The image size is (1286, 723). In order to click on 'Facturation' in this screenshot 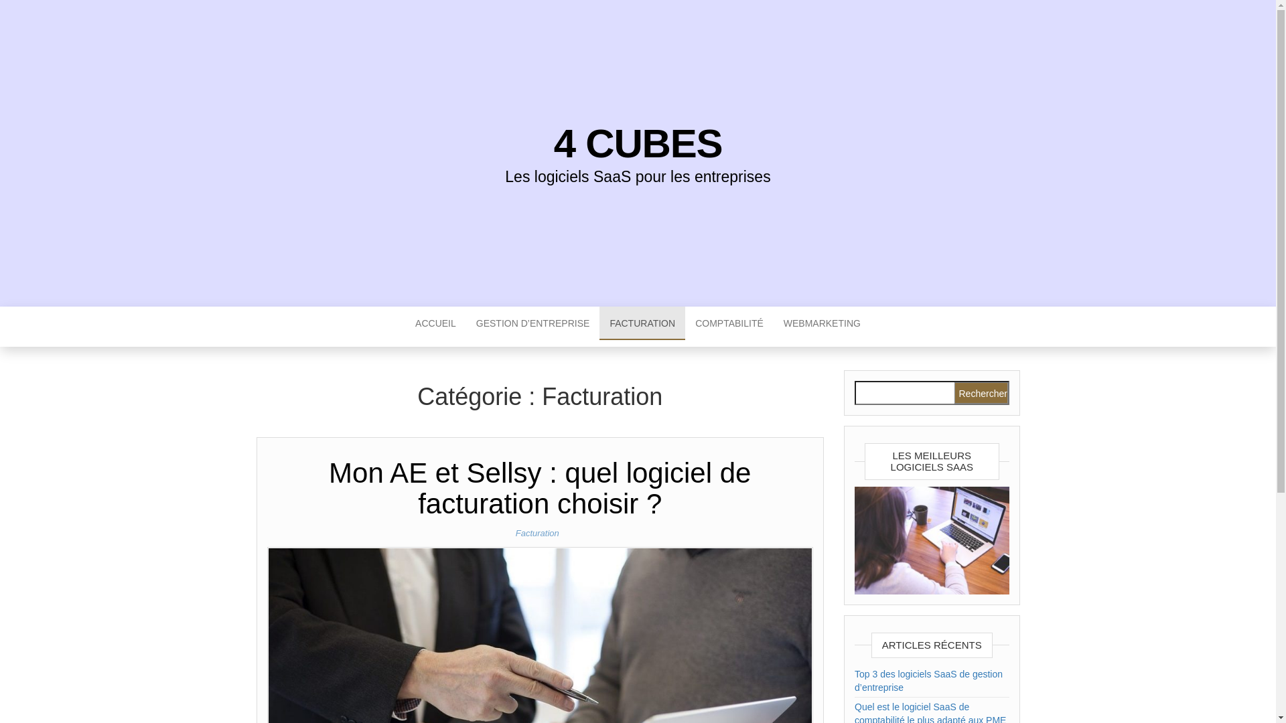, I will do `click(514, 532)`.